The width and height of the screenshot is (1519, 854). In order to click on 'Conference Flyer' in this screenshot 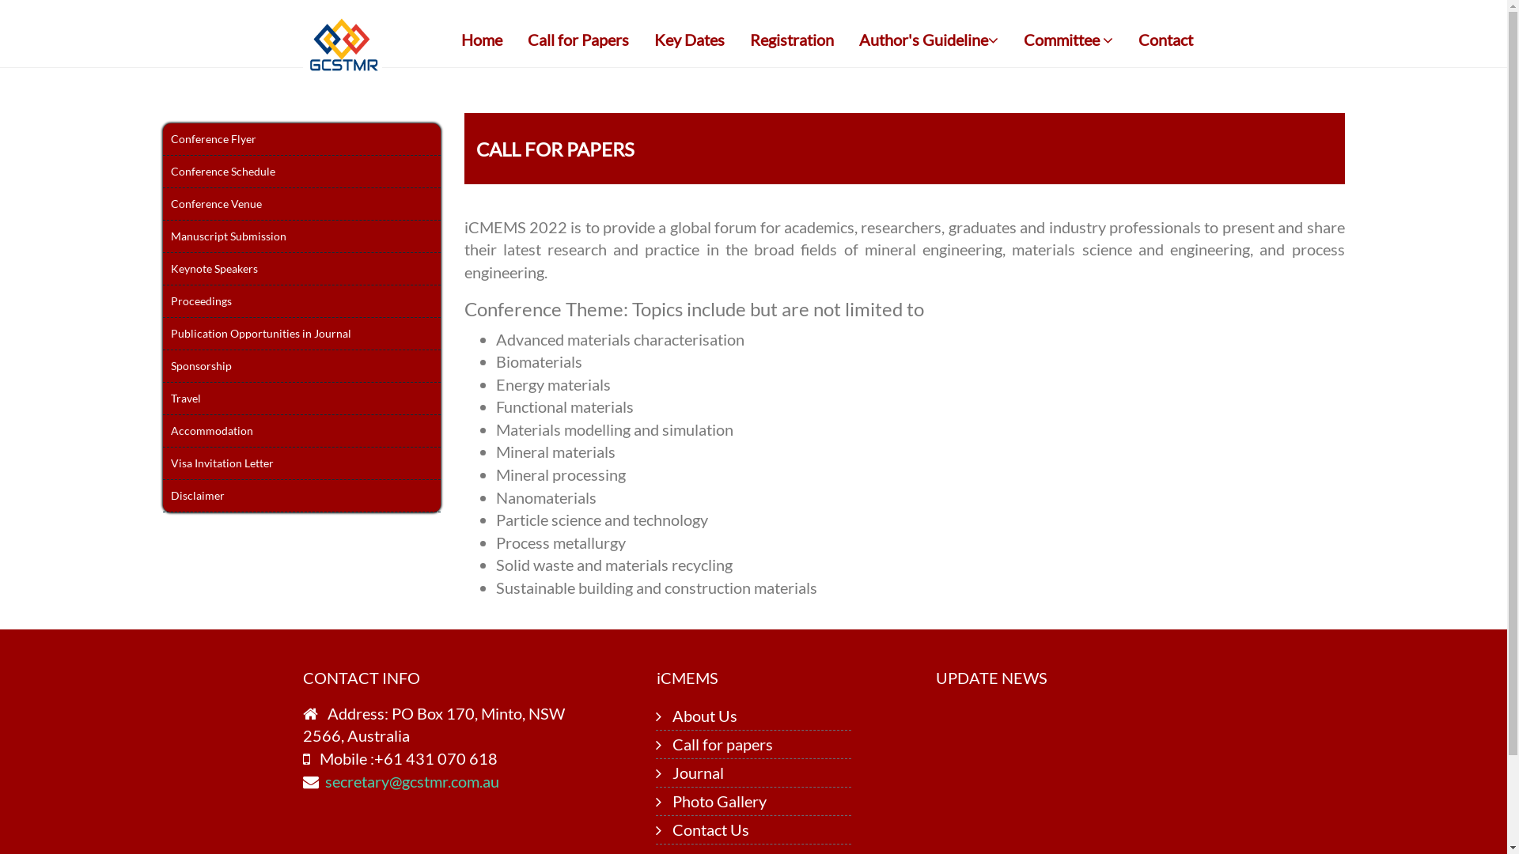, I will do `click(301, 138)`.